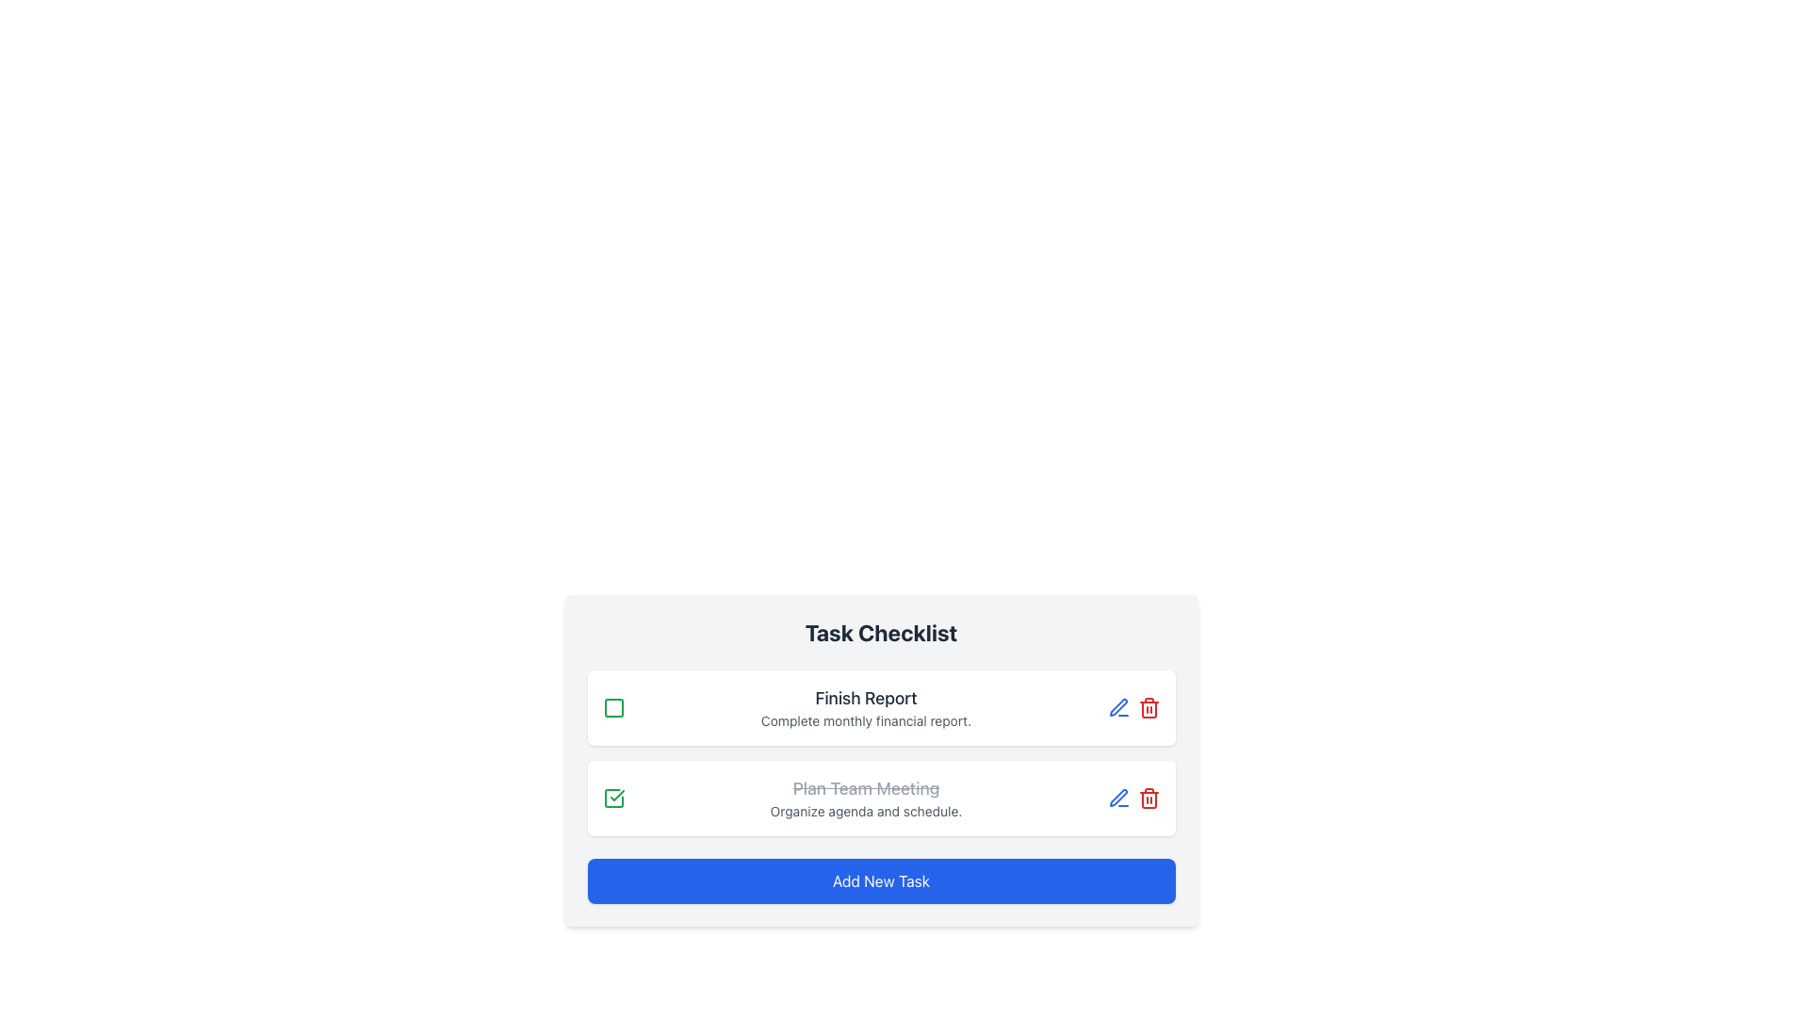 The height and width of the screenshot is (1017, 1809). I want to click on the blue pen icon in the grouped interactive action buttons for the 'Plan Team Meeting' task, so click(1133, 799).